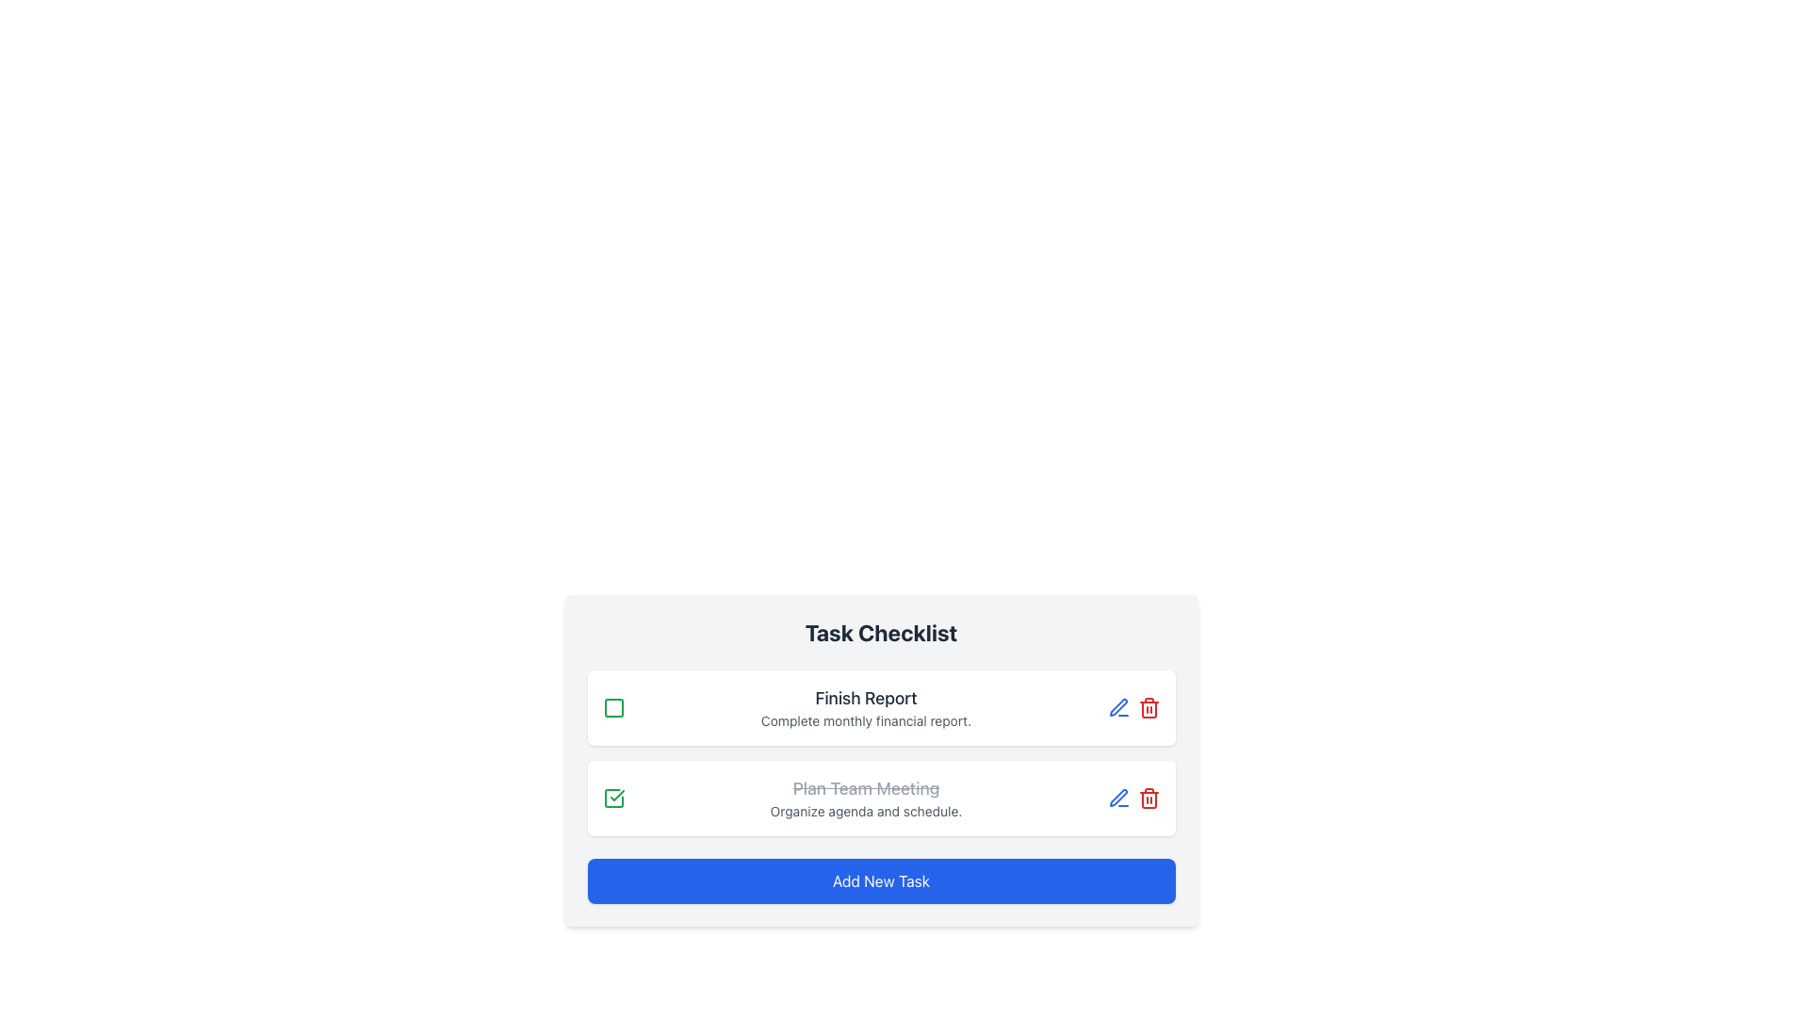 The height and width of the screenshot is (1017, 1809). I want to click on the blue pen icon in the grouped interactive action buttons for the 'Plan Team Meeting' task, so click(1133, 799).